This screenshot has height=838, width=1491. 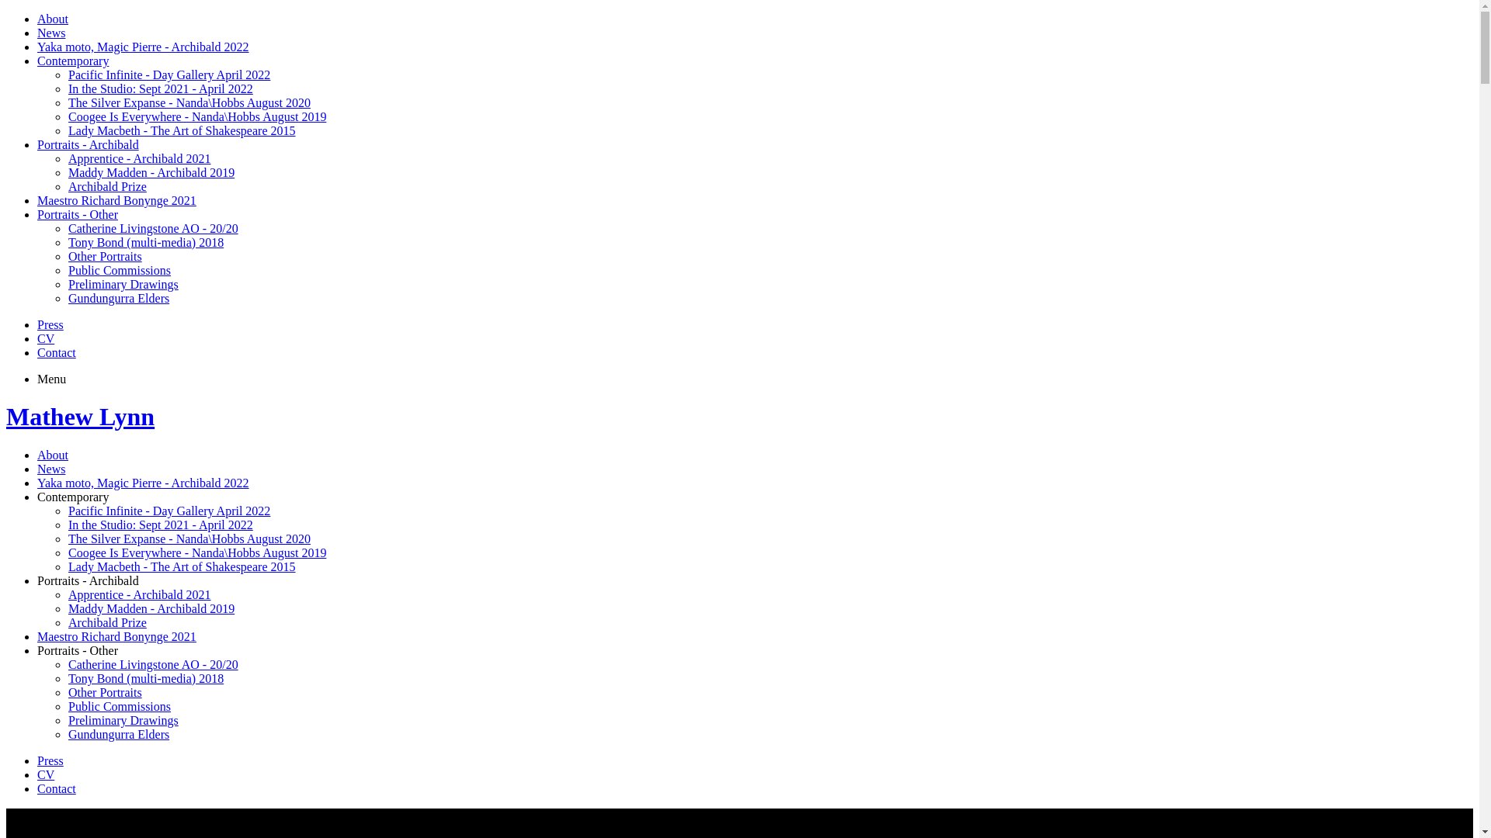 What do you see at coordinates (37, 454) in the screenshot?
I see `'About'` at bounding box center [37, 454].